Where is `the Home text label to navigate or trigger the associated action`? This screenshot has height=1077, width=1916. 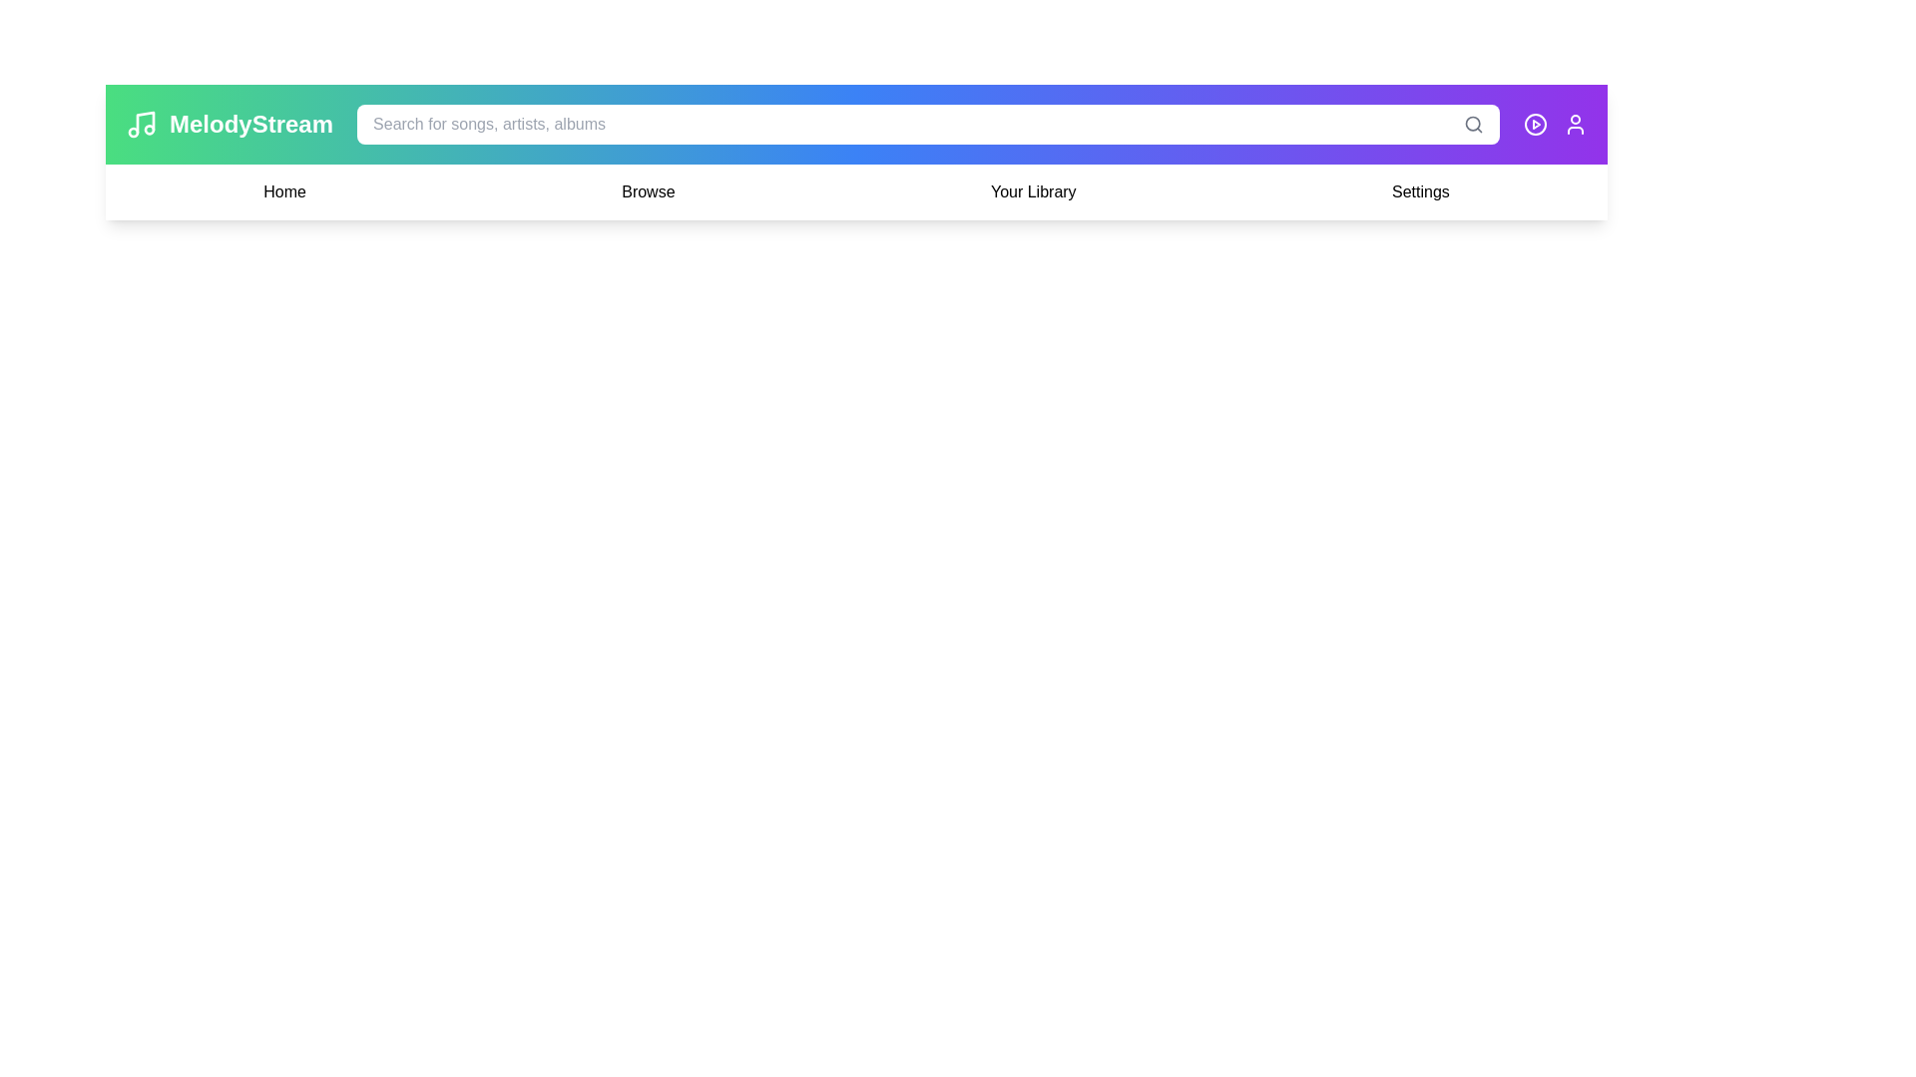
the Home text label to navigate or trigger the associated action is located at coordinates (283, 191).